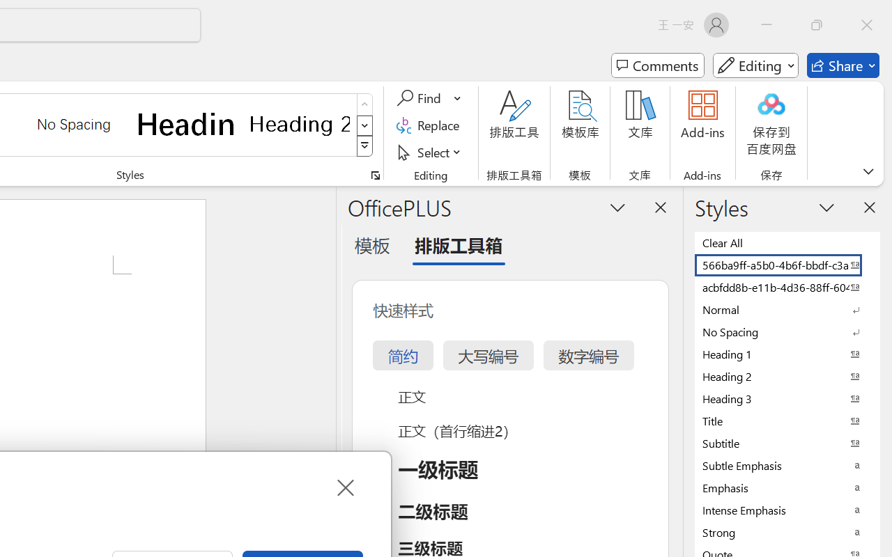  Describe the element at coordinates (344, 487) in the screenshot. I see `'Close'` at that location.